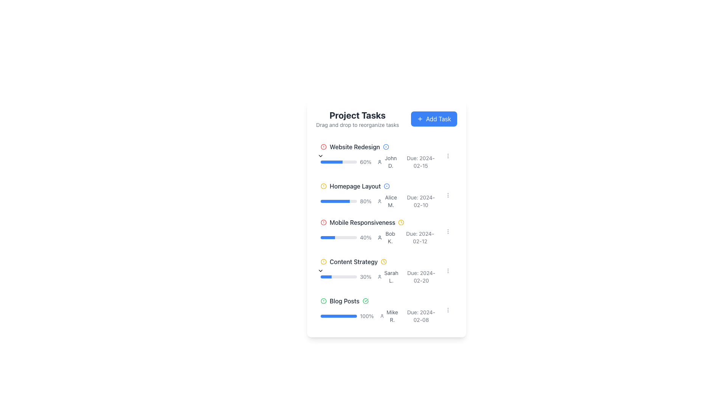 The height and width of the screenshot is (408, 726). Describe the element at coordinates (379, 195) in the screenshot. I see `the user icon within the second task list item, which provides details for a specific project task` at that location.